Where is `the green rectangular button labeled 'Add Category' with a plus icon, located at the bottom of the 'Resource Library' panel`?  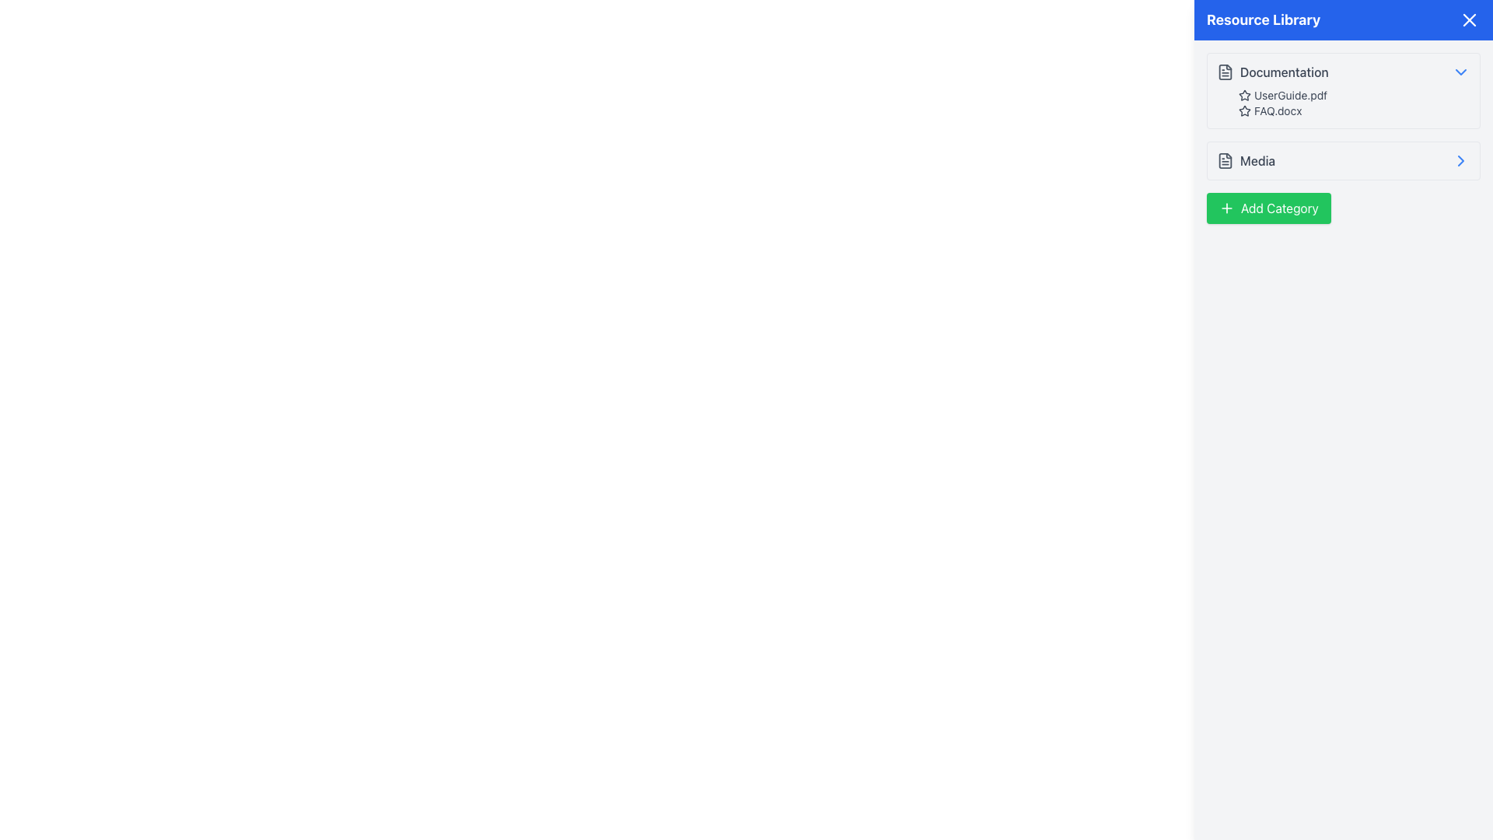
the green rectangular button labeled 'Add Category' with a plus icon, located at the bottom of the 'Resource Library' panel is located at coordinates (1269, 207).